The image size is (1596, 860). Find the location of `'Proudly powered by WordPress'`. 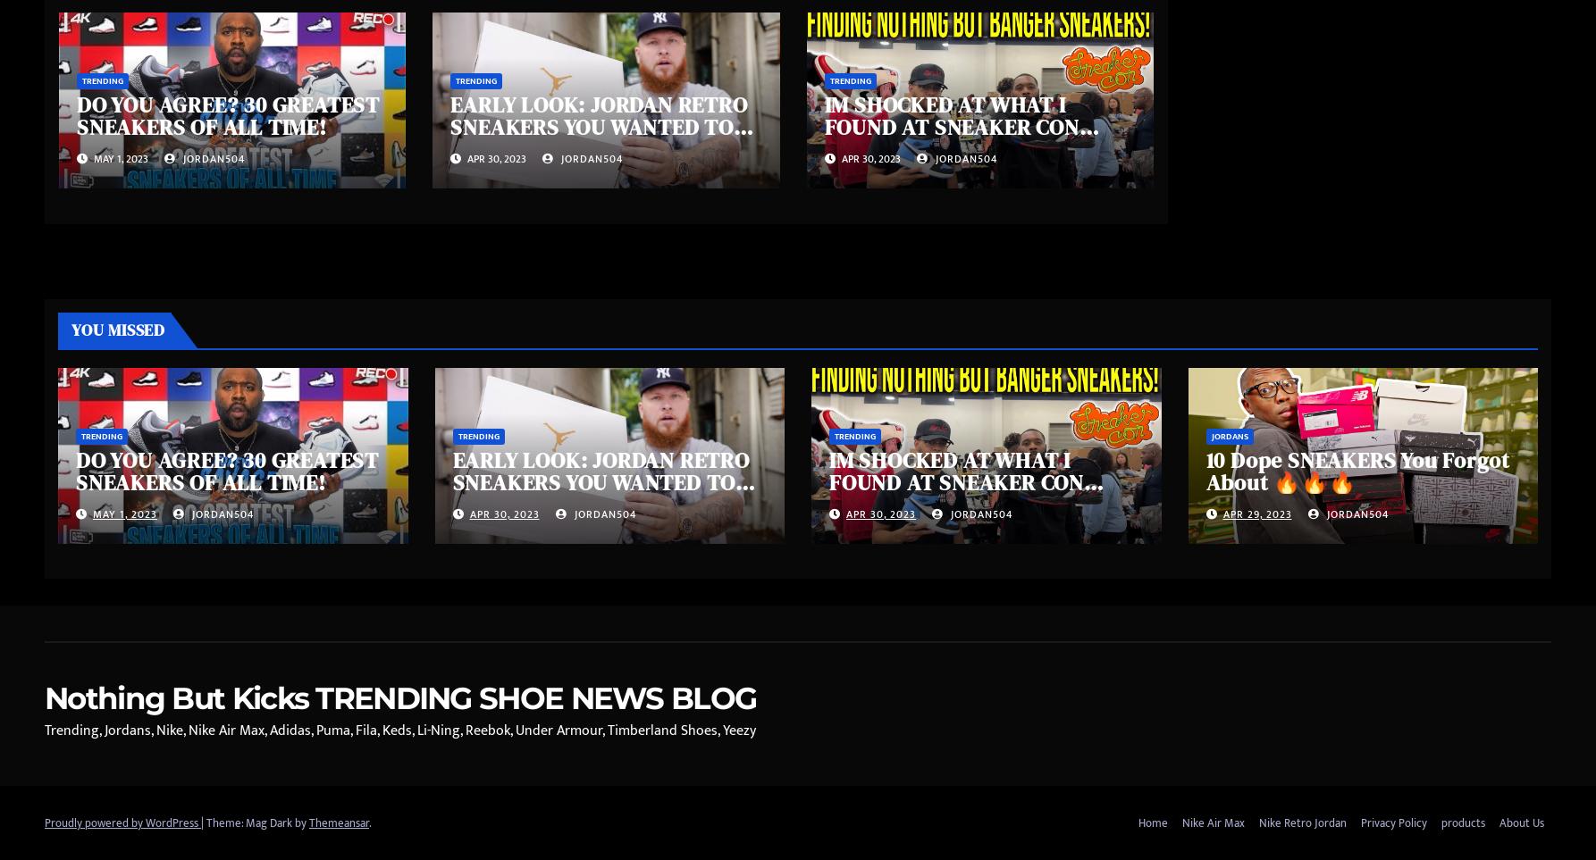

'Proudly powered by WordPress' is located at coordinates (122, 822).